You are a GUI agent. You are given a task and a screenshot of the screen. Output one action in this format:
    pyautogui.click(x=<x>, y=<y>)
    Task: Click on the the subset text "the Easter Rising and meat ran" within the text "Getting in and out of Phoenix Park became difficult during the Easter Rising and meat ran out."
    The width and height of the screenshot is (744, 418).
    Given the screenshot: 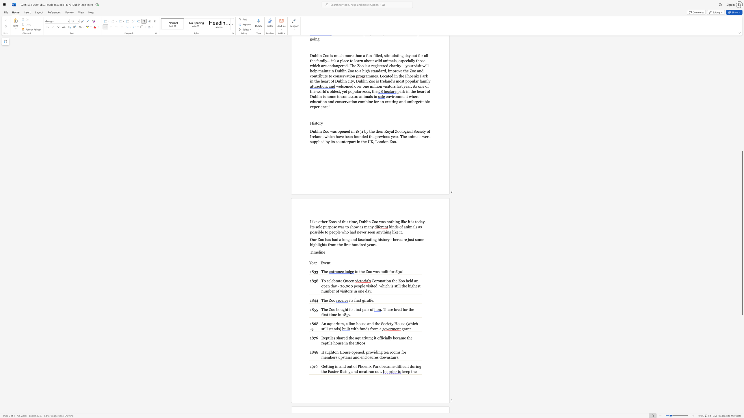 What is the action you would take?
    pyautogui.click(x=321, y=371)
    